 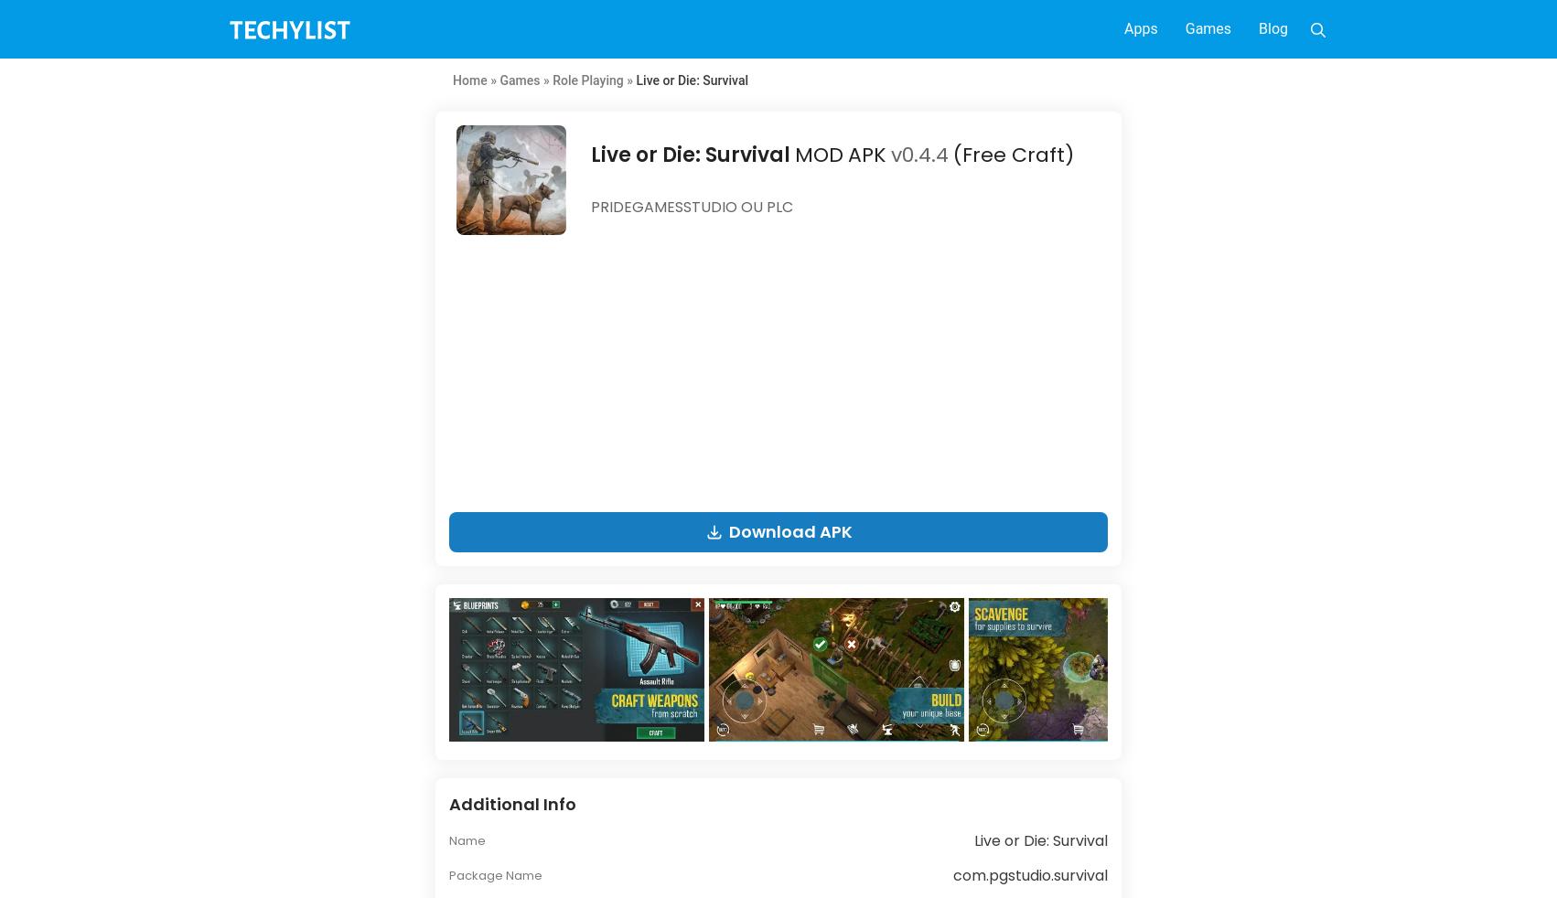 I want to click on 'Package Name', so click(x=494, y=875).